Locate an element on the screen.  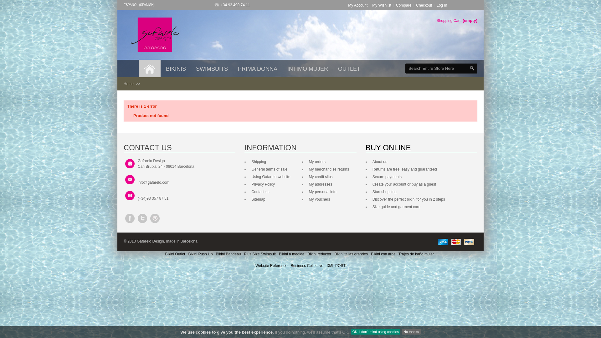
'Bikini a medida' is located at coordinates (291, 254).